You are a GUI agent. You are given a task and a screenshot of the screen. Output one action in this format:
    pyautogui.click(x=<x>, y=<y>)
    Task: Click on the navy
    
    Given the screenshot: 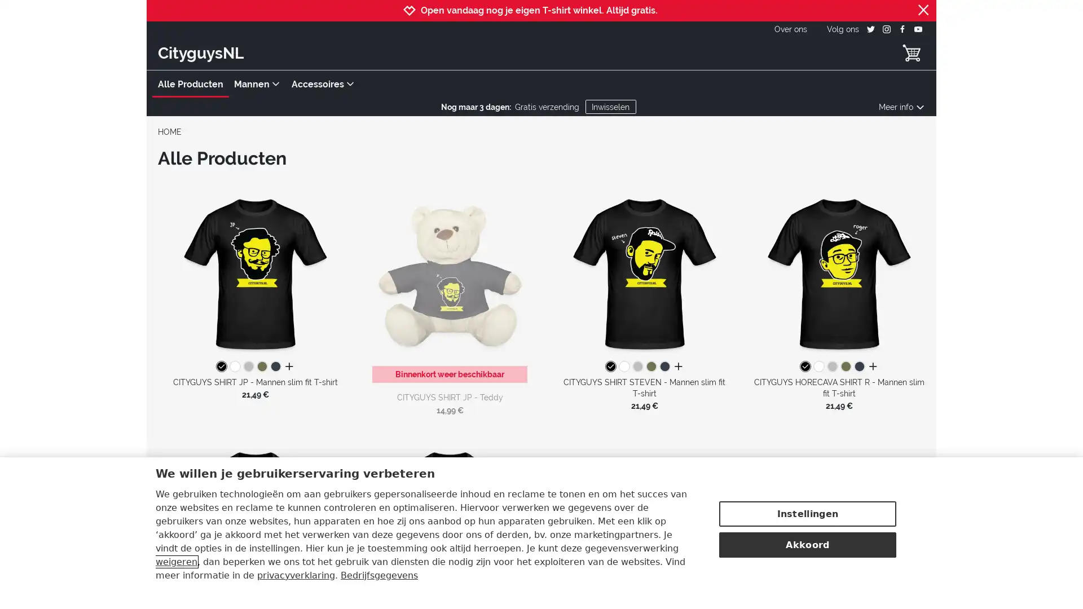 What is the action you would take?
    pyautogui.click(x=275, y=367)
    